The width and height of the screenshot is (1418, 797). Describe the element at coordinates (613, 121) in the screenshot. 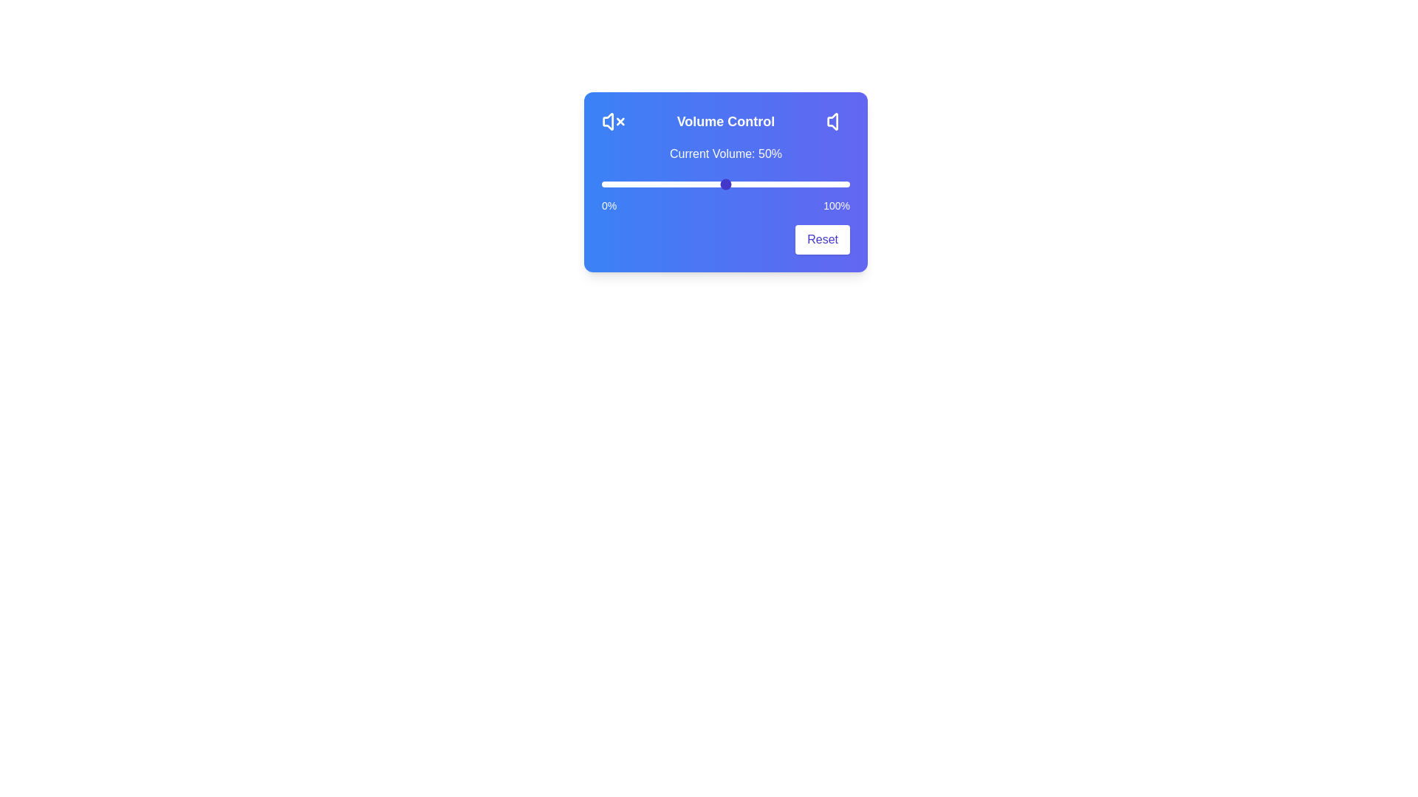

I see `the mute volume icon to mute the sound` at that location.